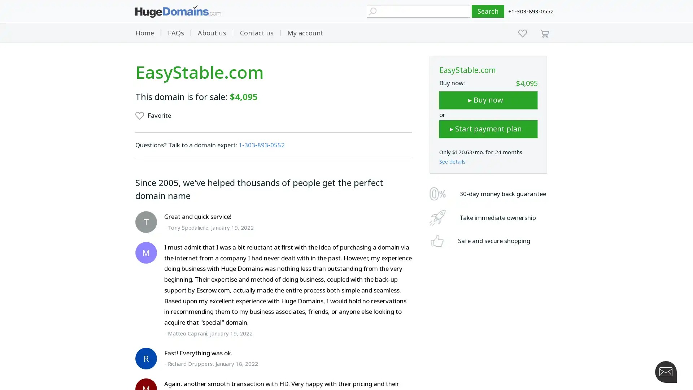 The image size is (693, 390). Describe the element at coordinates (488, 11) in the screenshot. I see `Search` at that location.